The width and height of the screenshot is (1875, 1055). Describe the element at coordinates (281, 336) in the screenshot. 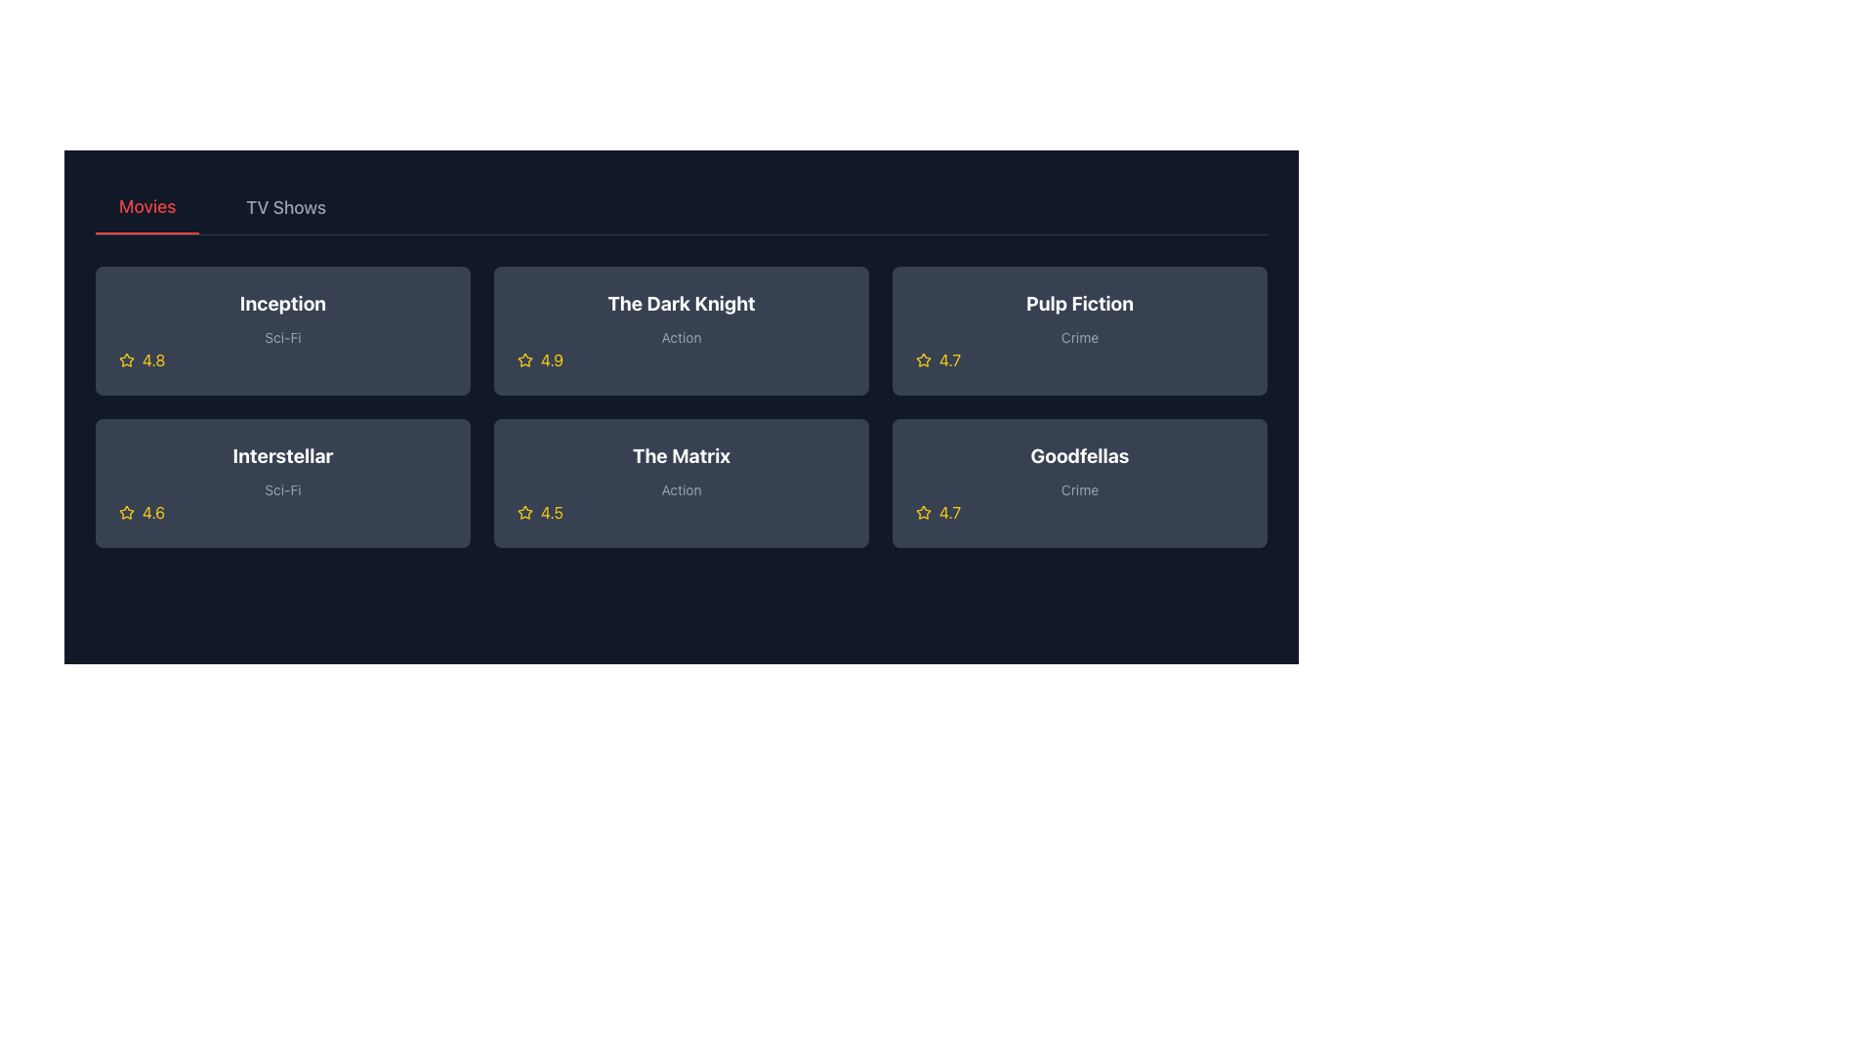

I see `the text label displaying 'Sci-Fi', which is styled with a small font size and gray color, located immediately below the title 'Inception' in the first row and first column of the grid layout` at that location.